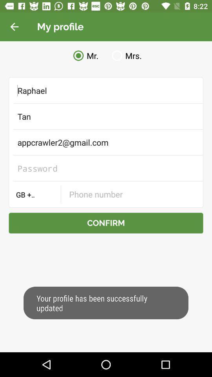  Describe the element at coordinates (132, 194) in the screenshot. I see `phone number` at that location.